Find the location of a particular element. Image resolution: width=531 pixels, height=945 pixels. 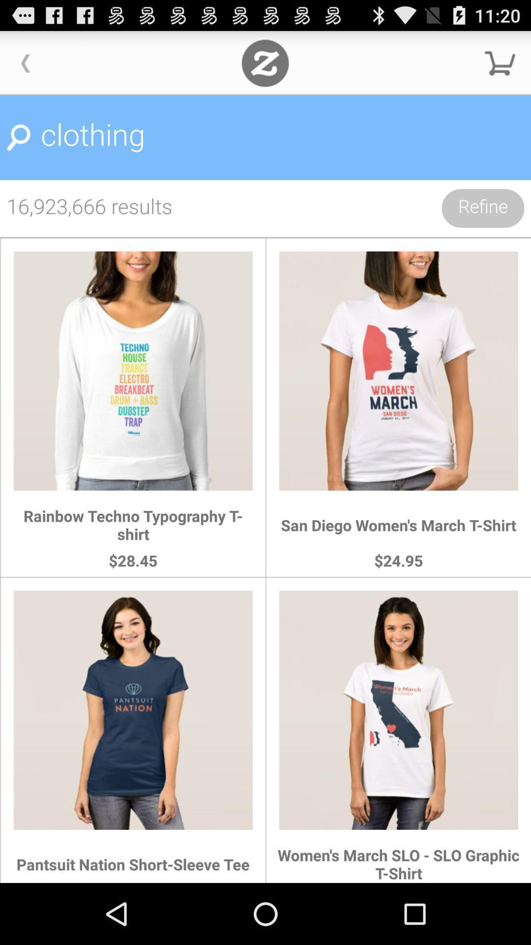

the icon below the clothing icon is located at coordinates (482, 208).